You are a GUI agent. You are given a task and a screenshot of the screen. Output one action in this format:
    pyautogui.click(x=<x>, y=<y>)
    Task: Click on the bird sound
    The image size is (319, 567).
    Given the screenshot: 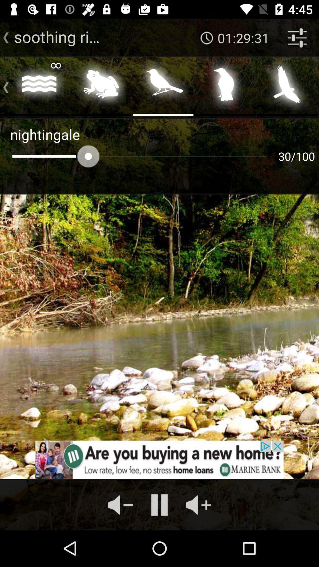 What is the action you would take?
    pyautogui.click(x=225, y=86)
    